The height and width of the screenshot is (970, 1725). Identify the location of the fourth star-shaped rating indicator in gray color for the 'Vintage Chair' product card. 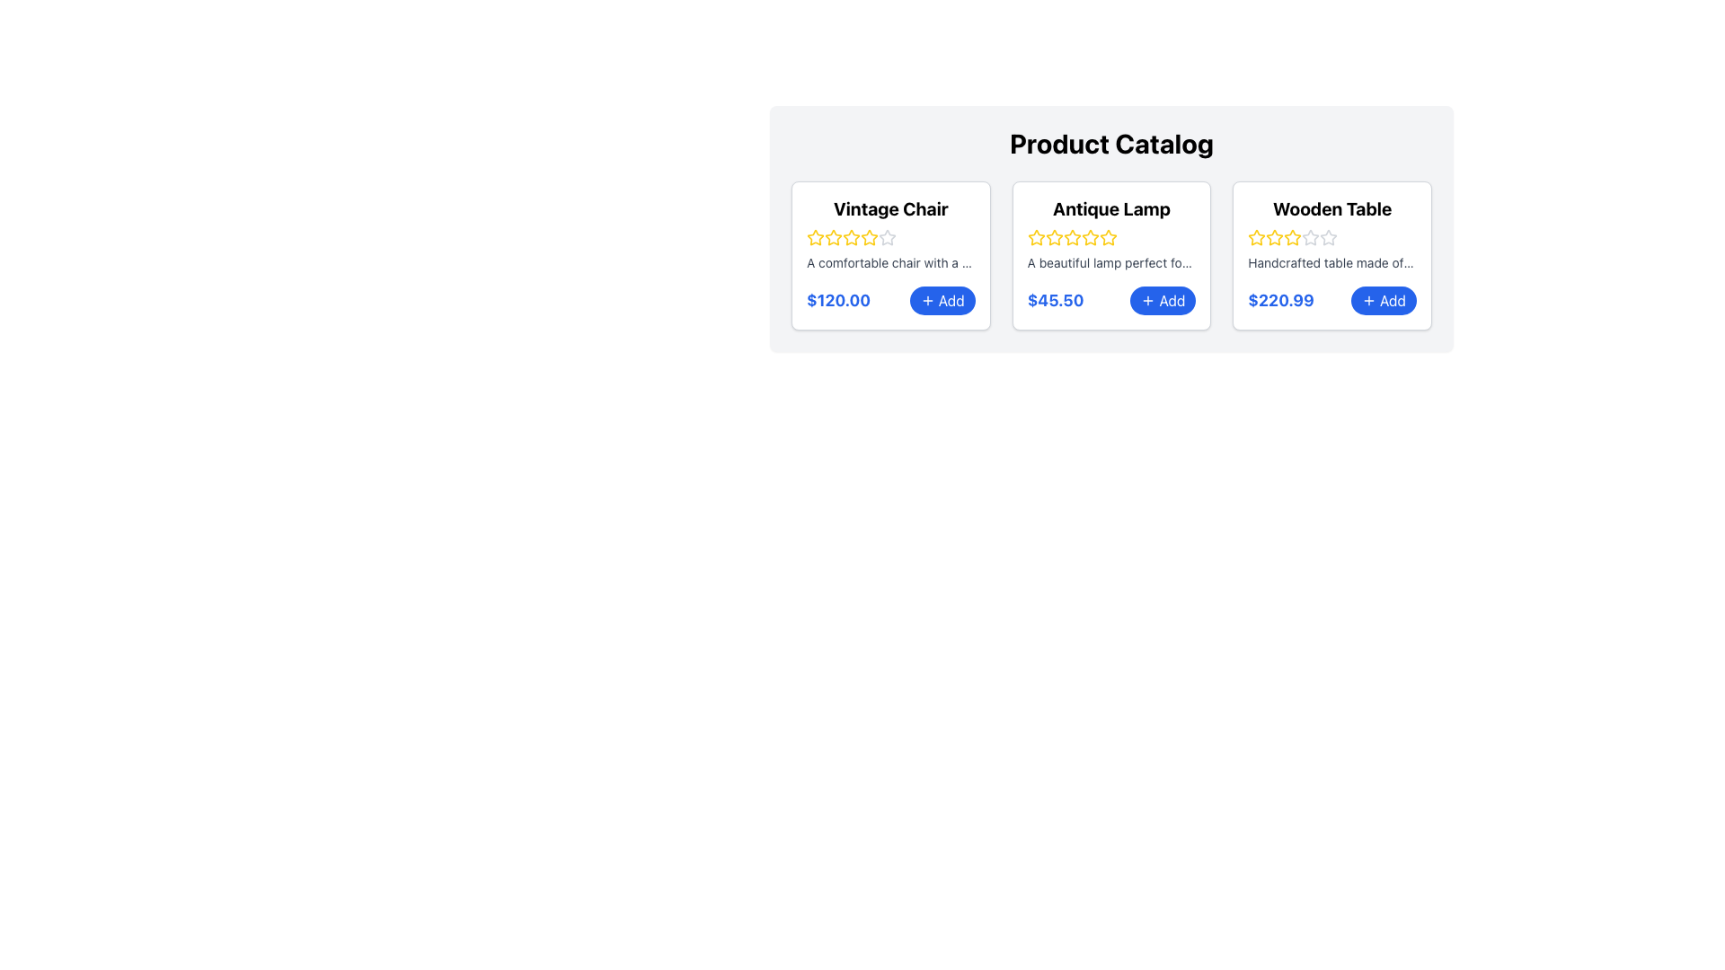
(888, 236).